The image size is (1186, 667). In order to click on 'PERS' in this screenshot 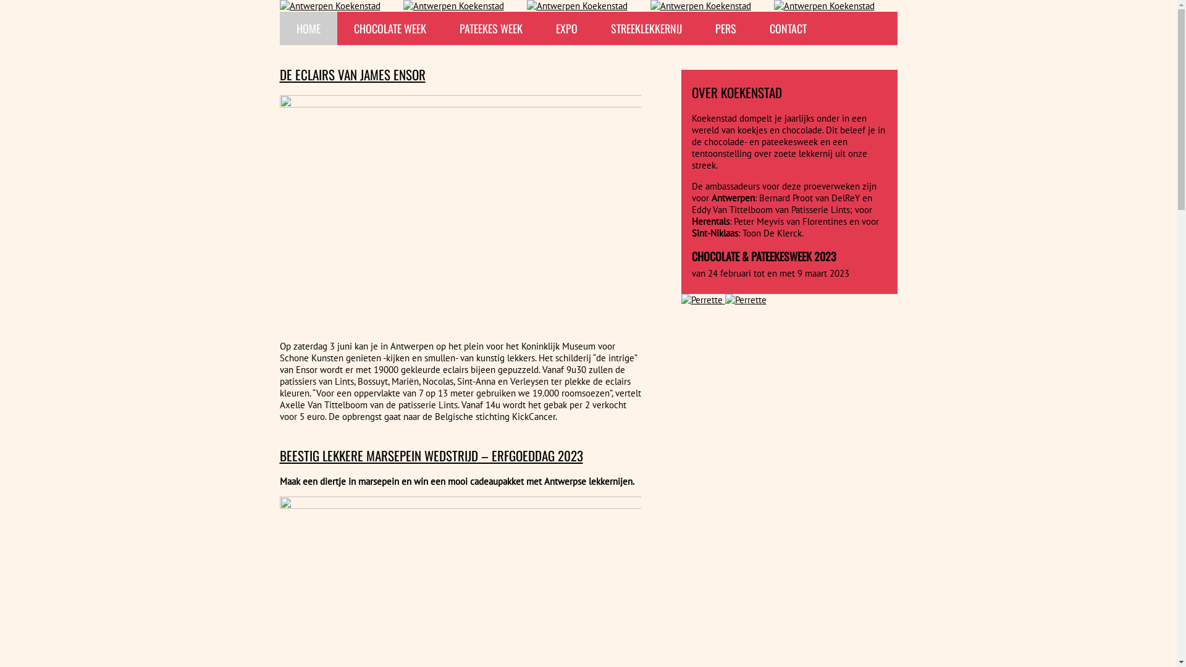, I will do `click(697, 28)`.